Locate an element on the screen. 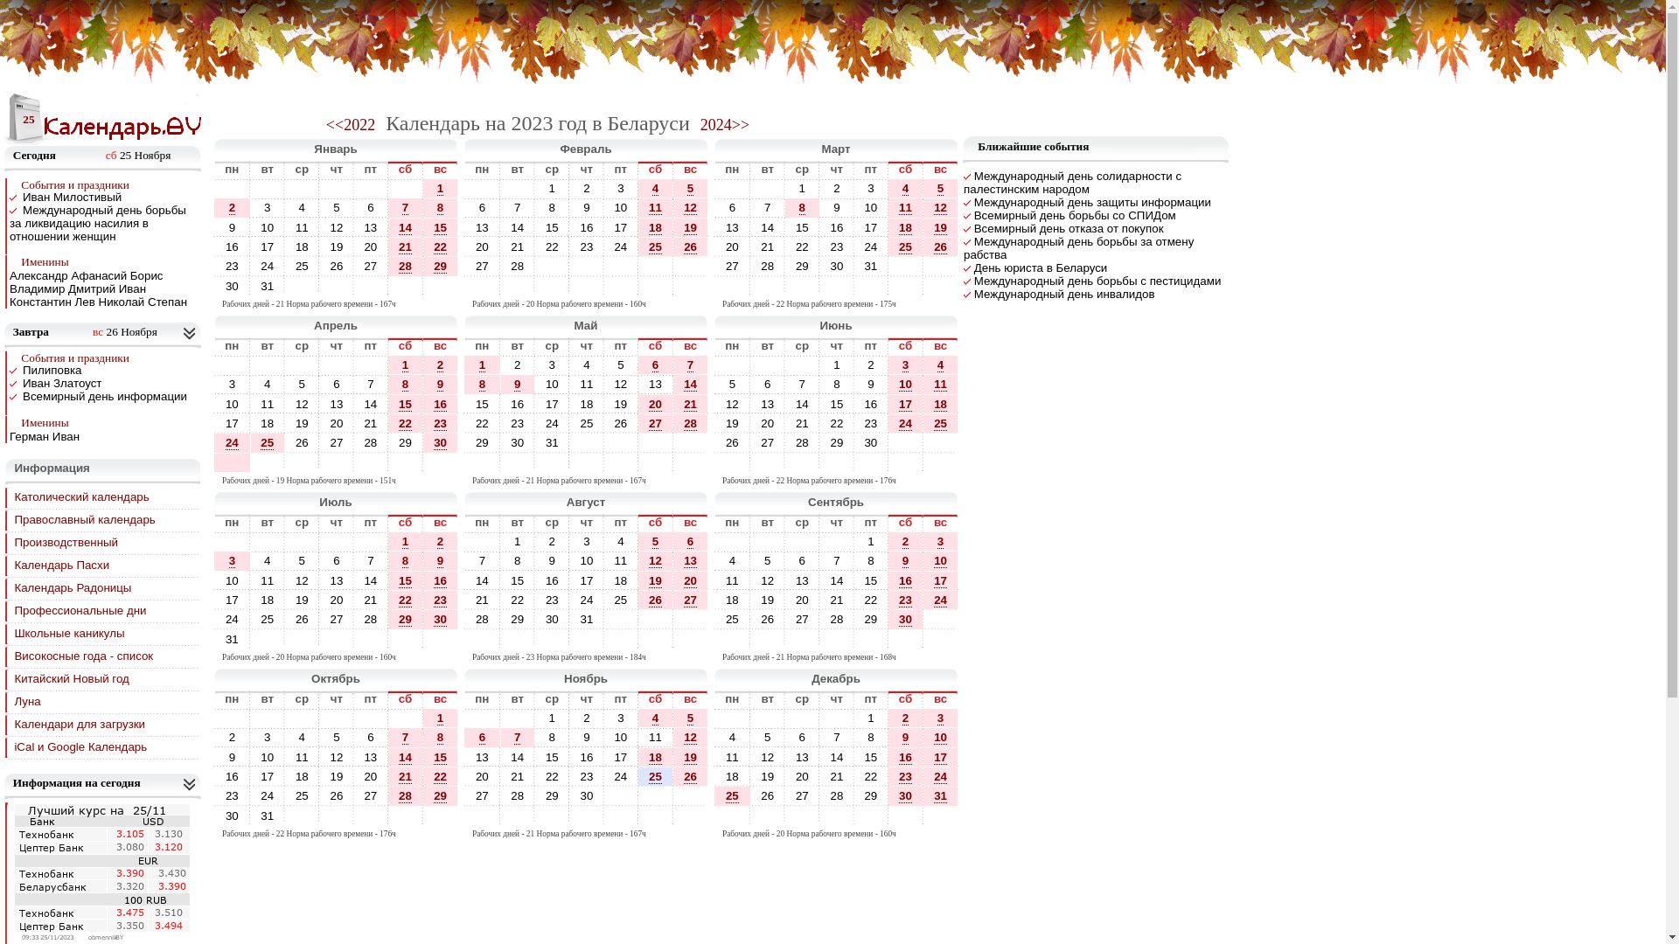  '13' is located at coordinates (732, 226).